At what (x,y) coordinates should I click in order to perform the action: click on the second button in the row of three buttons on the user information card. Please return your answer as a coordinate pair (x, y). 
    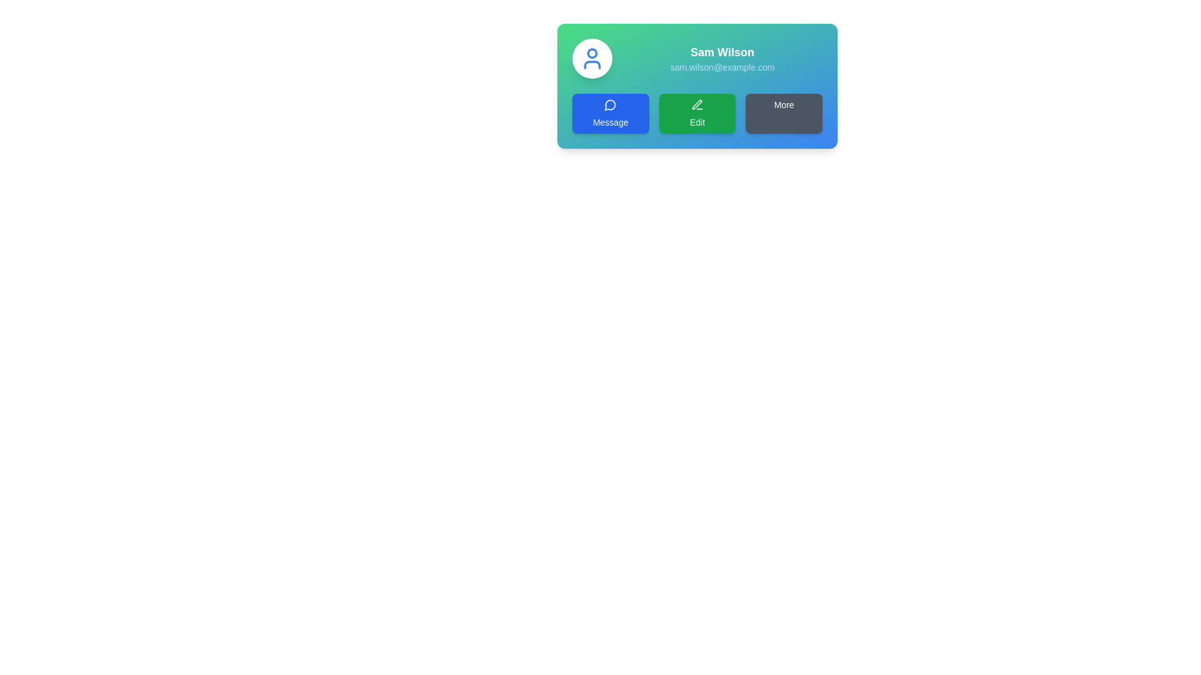
    Looking at the image, I should click on (696, 113).